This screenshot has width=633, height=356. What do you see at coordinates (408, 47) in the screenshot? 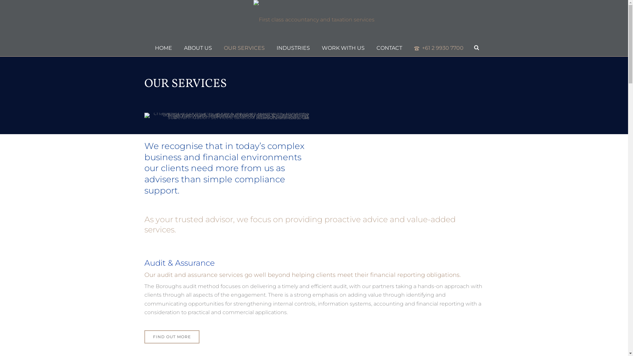
I see `'+61 2 9930 7700'` at bounding box center [408, 47].